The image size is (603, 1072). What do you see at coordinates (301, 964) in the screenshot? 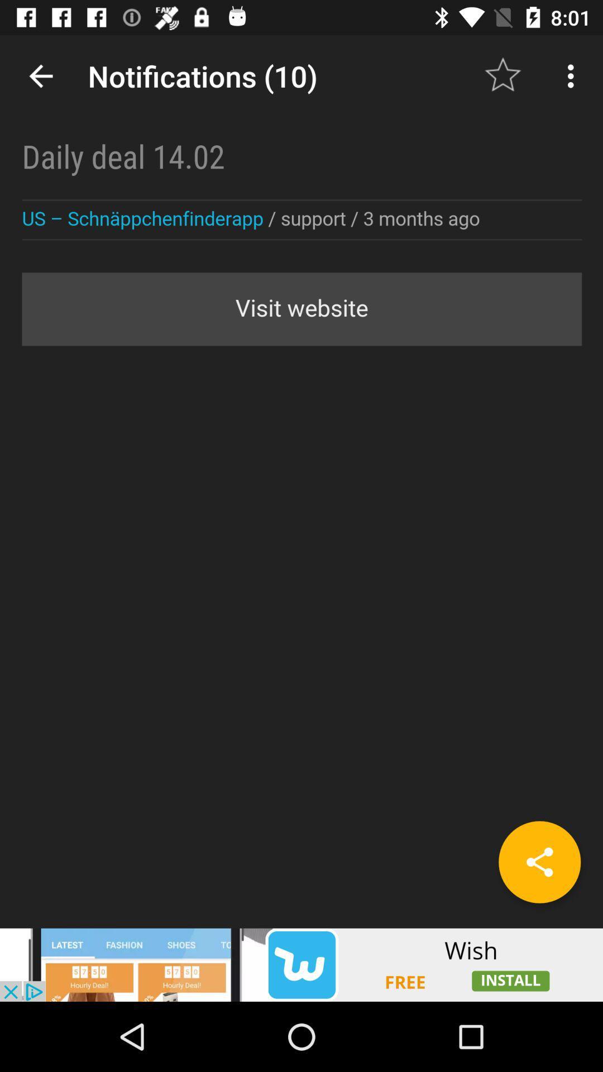
I see `web page pop up advertisement` at bounding box center [301, 964].